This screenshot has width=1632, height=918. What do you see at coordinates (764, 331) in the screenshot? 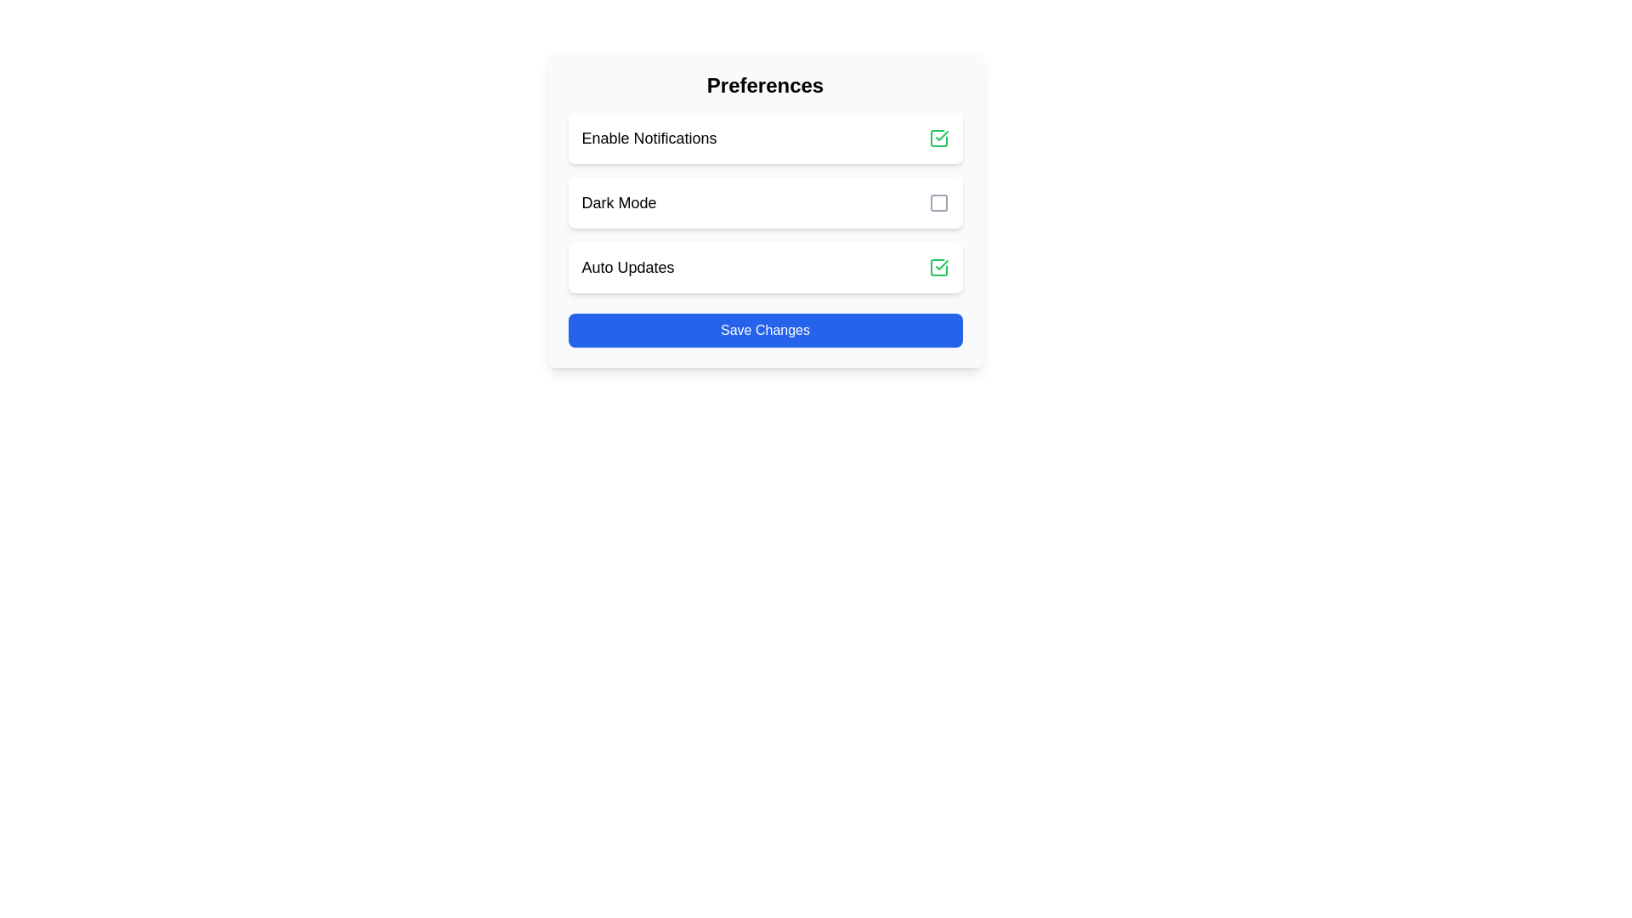
I see `the blue rectangular 'Save Changes' button at the bottom of the preferences form to trigger the hover effect` at bounding box center [764, 331].